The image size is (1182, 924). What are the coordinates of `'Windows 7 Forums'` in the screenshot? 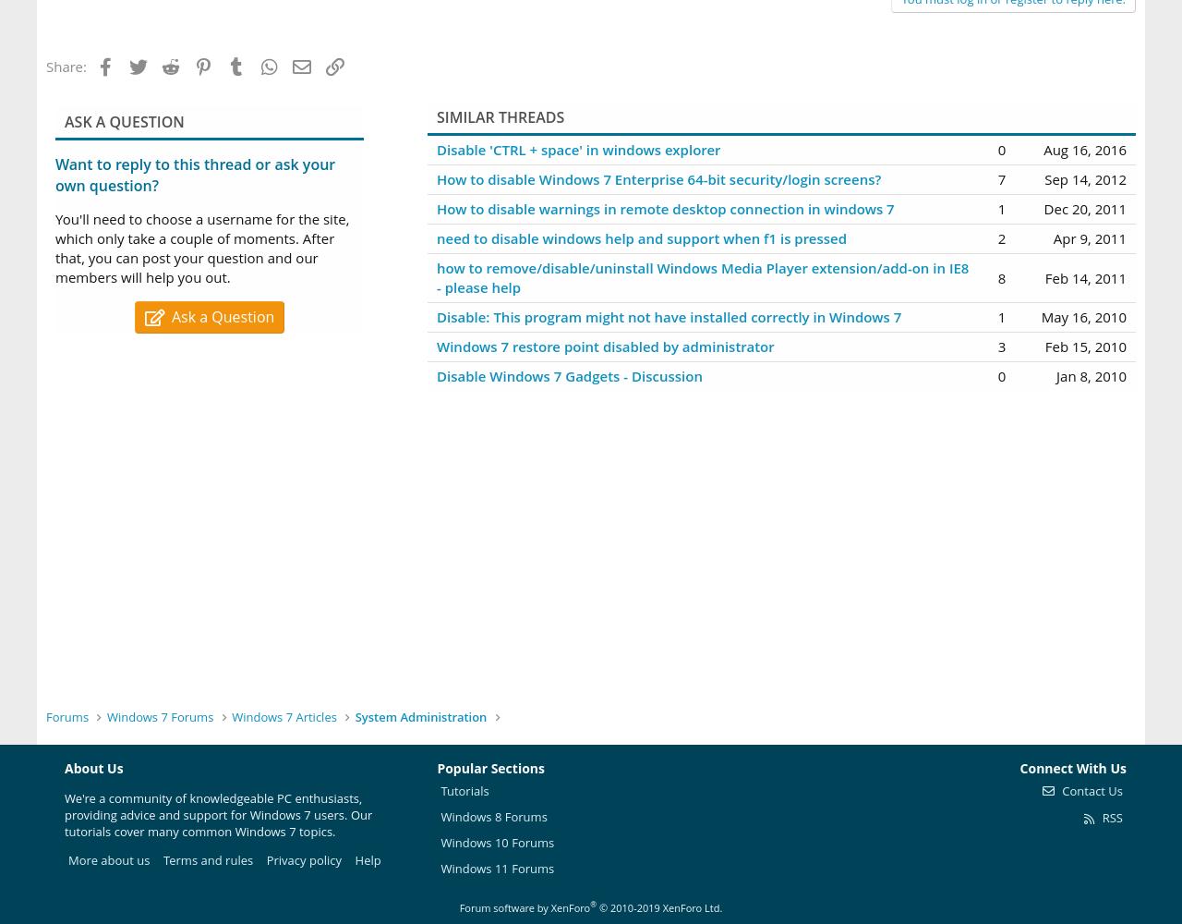 It's located at (160, 716).